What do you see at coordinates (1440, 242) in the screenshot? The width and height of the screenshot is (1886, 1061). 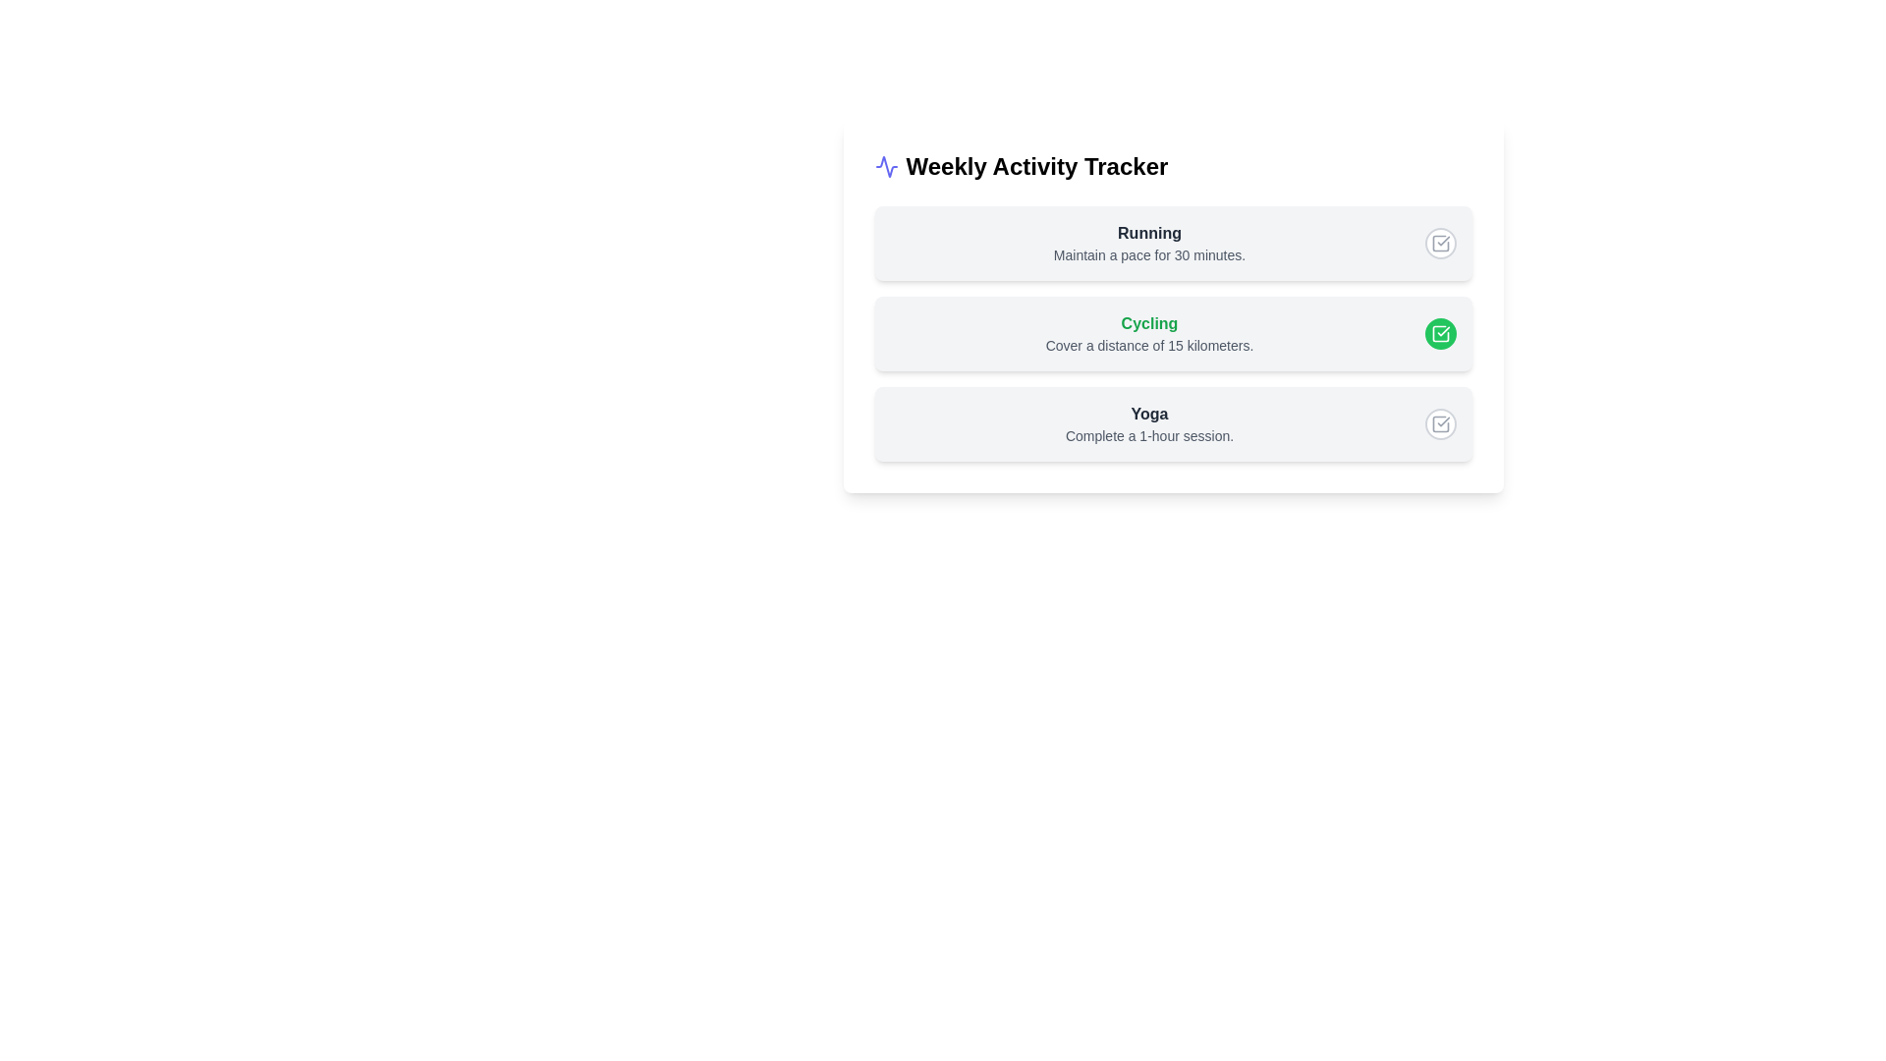 I see `the SVG graphical element that visually indicates the status of the 'Running' task, located on the far right of the icon area` at bounding box center [1440, 242].